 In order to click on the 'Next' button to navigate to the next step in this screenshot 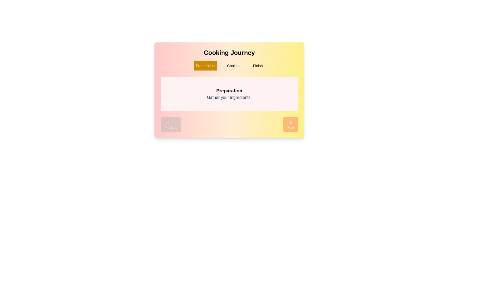, I will do `click(290, 124)`.